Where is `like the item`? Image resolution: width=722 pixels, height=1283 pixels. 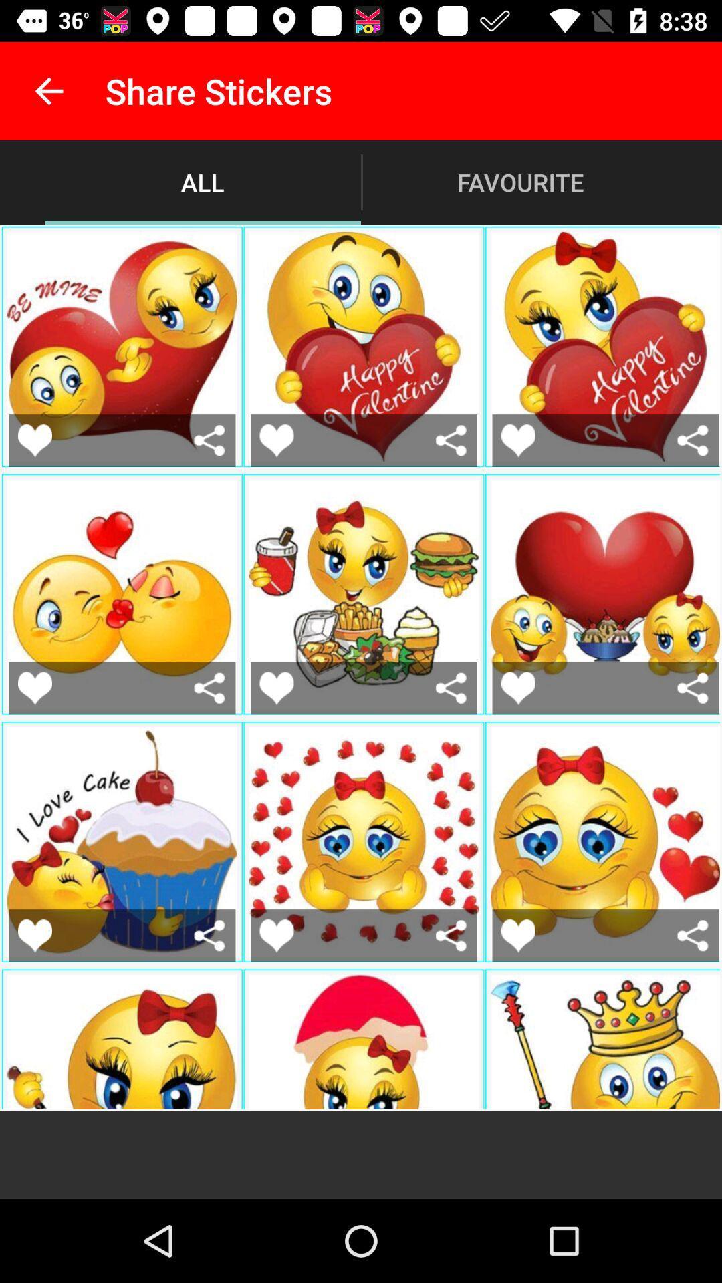 like the item is located at coordinates (34, 688).